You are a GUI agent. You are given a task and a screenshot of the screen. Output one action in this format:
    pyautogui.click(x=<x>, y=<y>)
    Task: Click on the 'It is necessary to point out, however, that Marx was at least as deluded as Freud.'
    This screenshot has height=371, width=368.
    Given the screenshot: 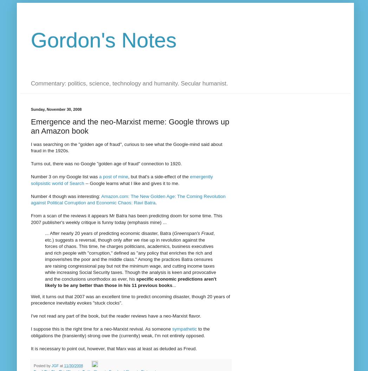 What is the action you would take?
    pyautogui.click(x=31, y=348)
    